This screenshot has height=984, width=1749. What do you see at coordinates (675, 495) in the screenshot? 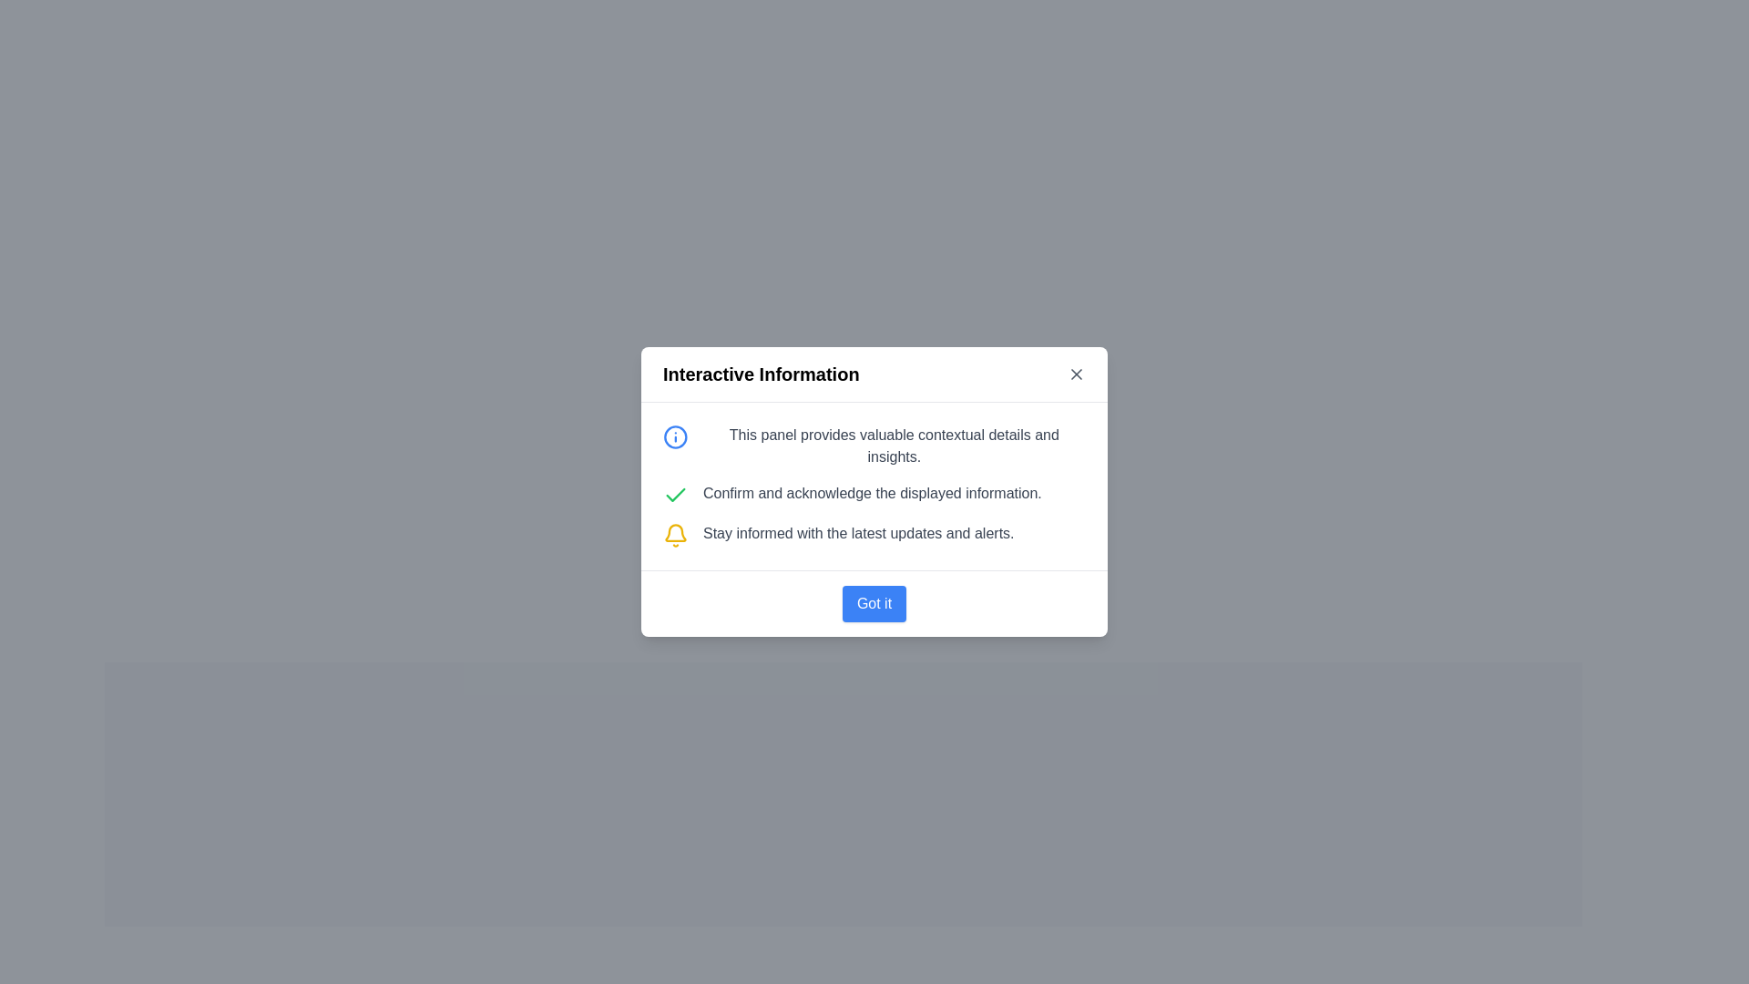
I see `the checkmark icon within the dialog box, which is part of the second row alongside explanatory text` at bounding box center [675, 495].